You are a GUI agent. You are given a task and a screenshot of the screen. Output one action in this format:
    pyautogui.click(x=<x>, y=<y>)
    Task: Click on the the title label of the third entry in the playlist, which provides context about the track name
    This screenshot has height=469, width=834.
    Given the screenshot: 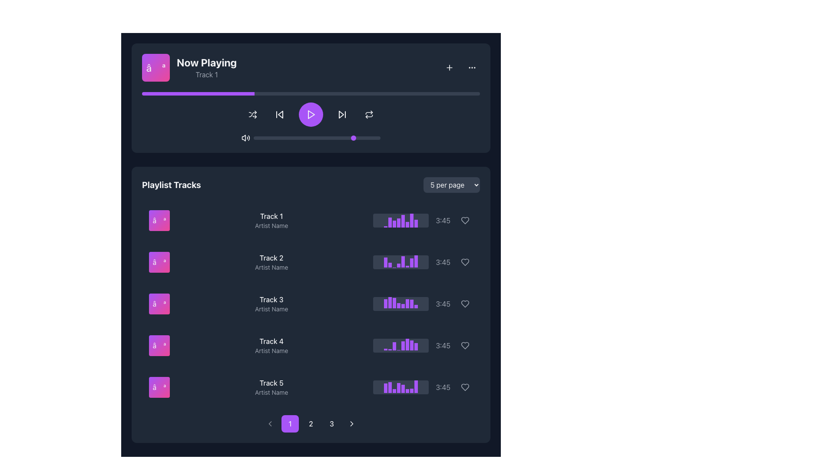 What is the action you would take?
    pyautogui.click(x=271, y=299)
    